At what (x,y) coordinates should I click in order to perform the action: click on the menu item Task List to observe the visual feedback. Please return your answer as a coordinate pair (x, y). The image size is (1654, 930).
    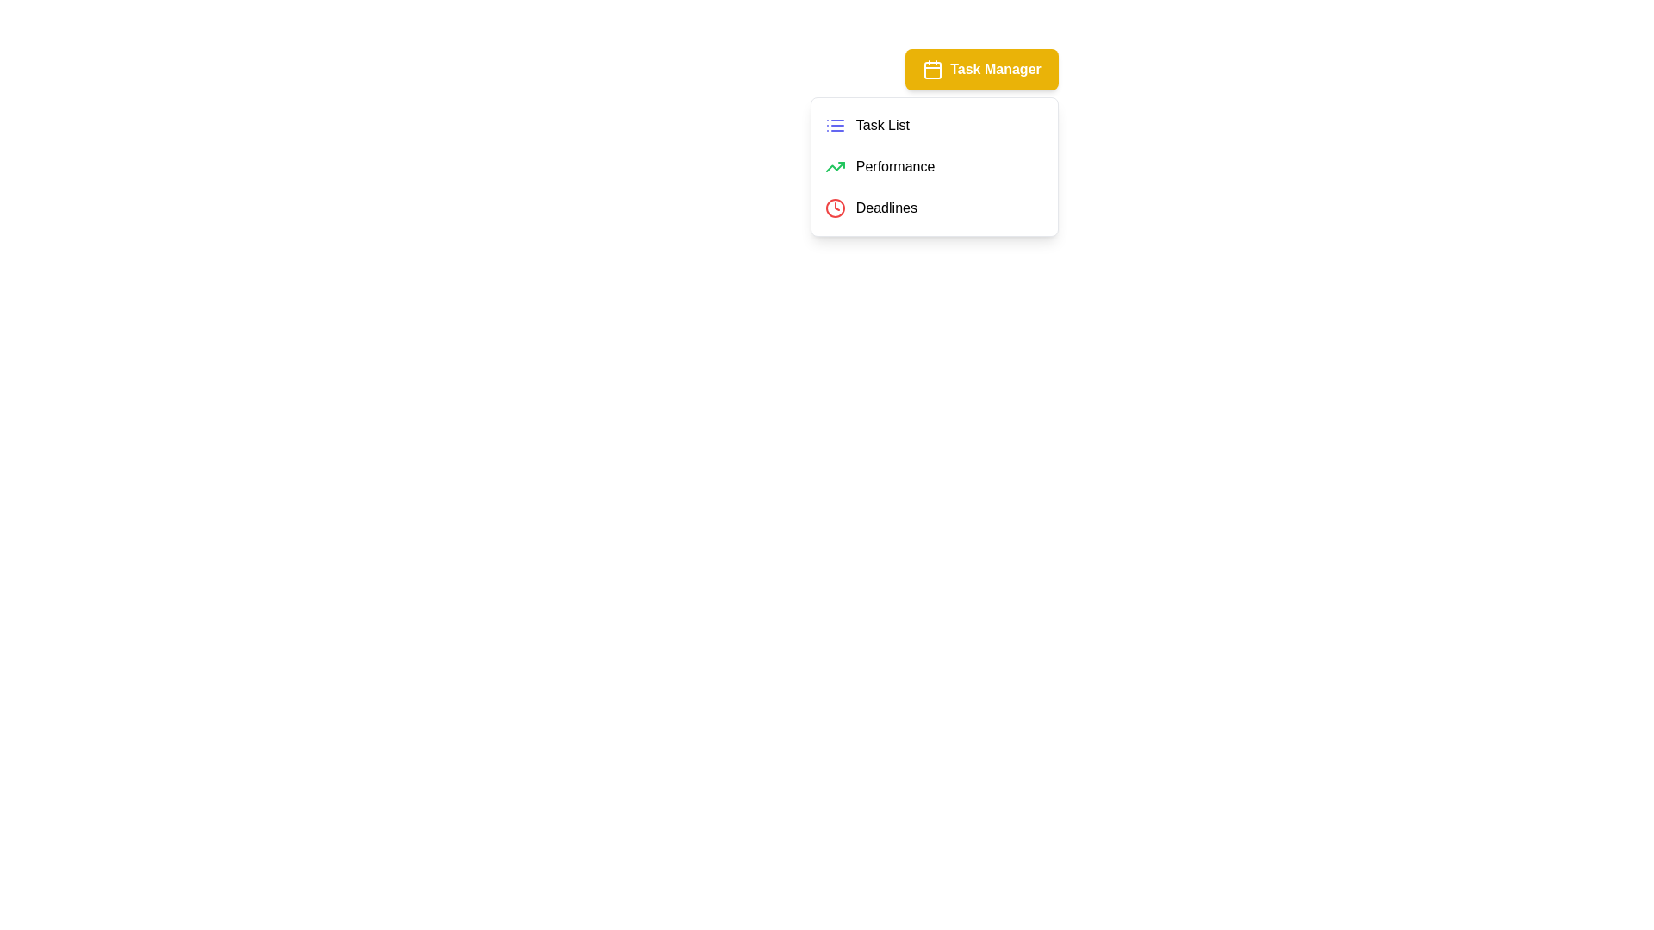
    Looking at the image, I should click on (933, 125).